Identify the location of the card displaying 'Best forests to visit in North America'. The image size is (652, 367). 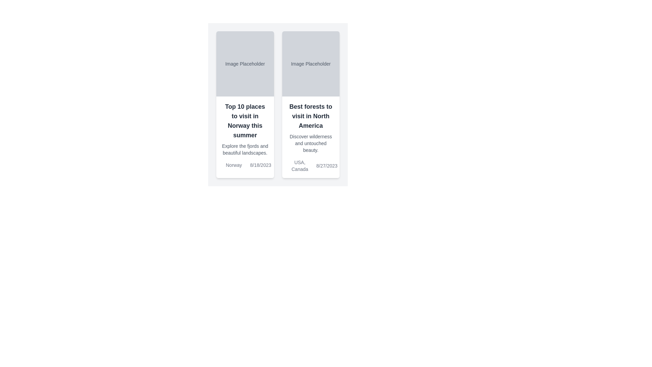
(310, 105).